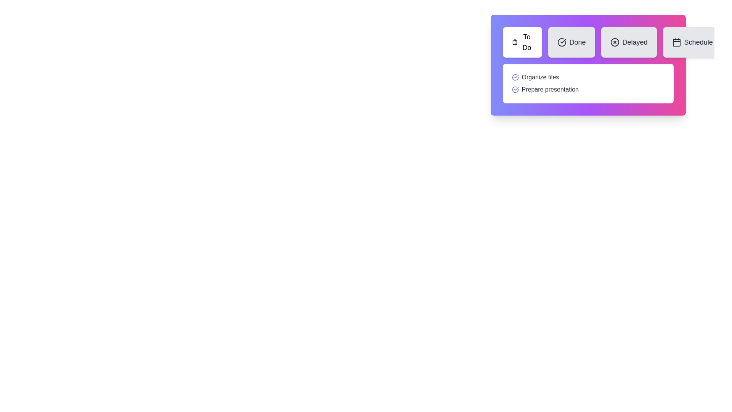 The image size is (732, 412). What do you see at coordinates (571, 42) in the screenshot?
I see `the Done tab button to observe its hover effect` at bounding box center [571, 42].